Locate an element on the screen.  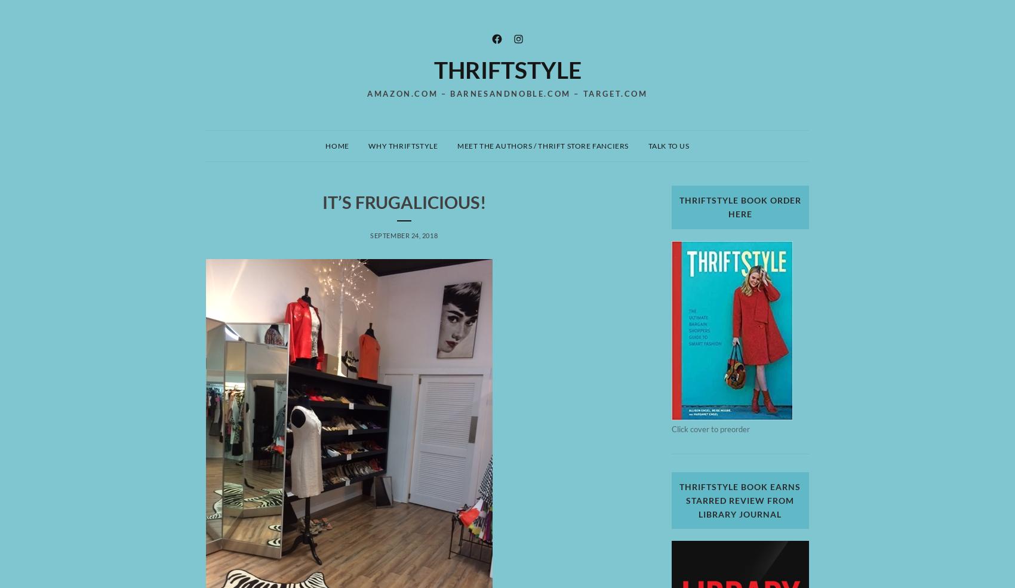
'Home' is located at coordinates (336, 144).